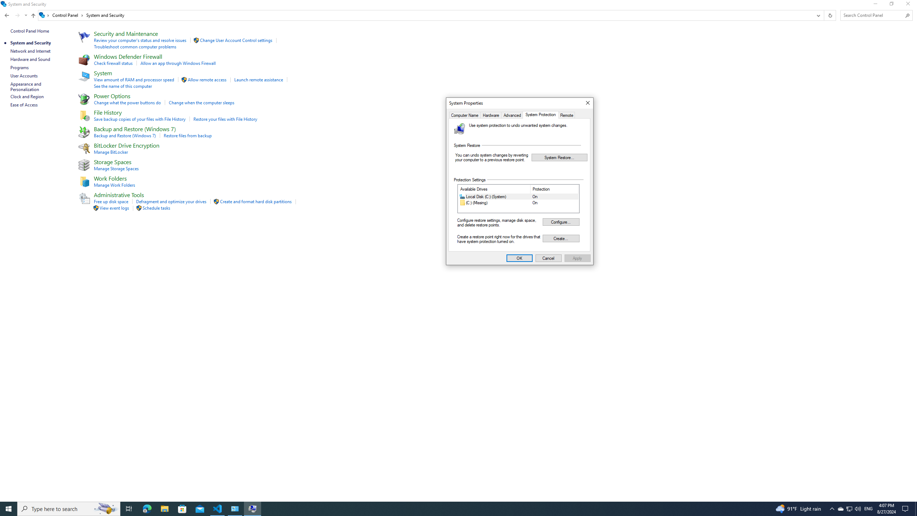 The height and width of the screenshot is (516, 917). Describe the element at coordinates (128, 508) in the screenshot. I see `'Task View'` at that location.